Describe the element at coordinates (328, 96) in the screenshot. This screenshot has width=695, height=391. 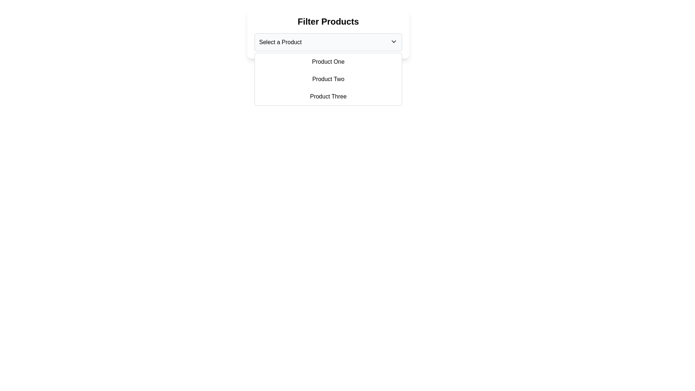
I see `the 'Product Three' option in the dropdown menu, which is the third item under 'Filter Products'` at that location.